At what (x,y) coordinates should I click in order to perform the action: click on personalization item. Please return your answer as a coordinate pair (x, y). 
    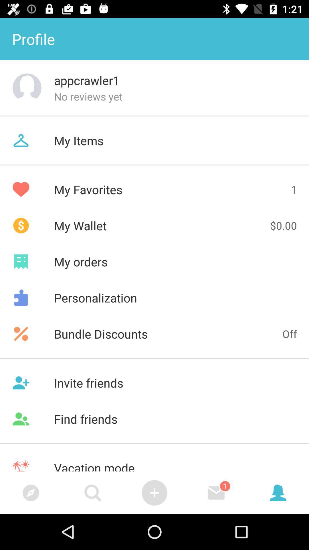
    Looking at the image, I should click on (154, 298).